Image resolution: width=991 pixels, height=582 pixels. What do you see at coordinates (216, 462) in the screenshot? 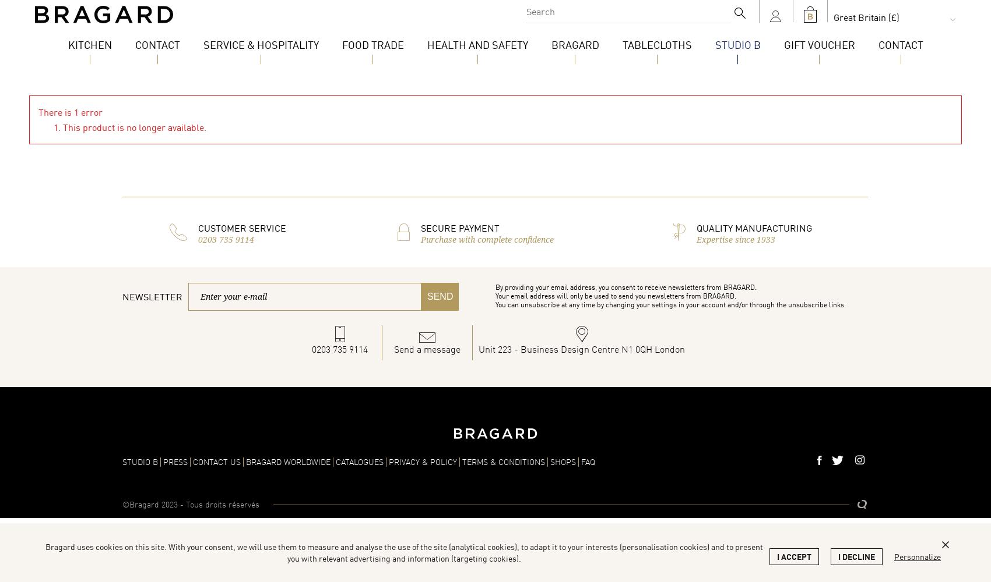
I see `'CONTACT US'` at bounding box center [216, 462].